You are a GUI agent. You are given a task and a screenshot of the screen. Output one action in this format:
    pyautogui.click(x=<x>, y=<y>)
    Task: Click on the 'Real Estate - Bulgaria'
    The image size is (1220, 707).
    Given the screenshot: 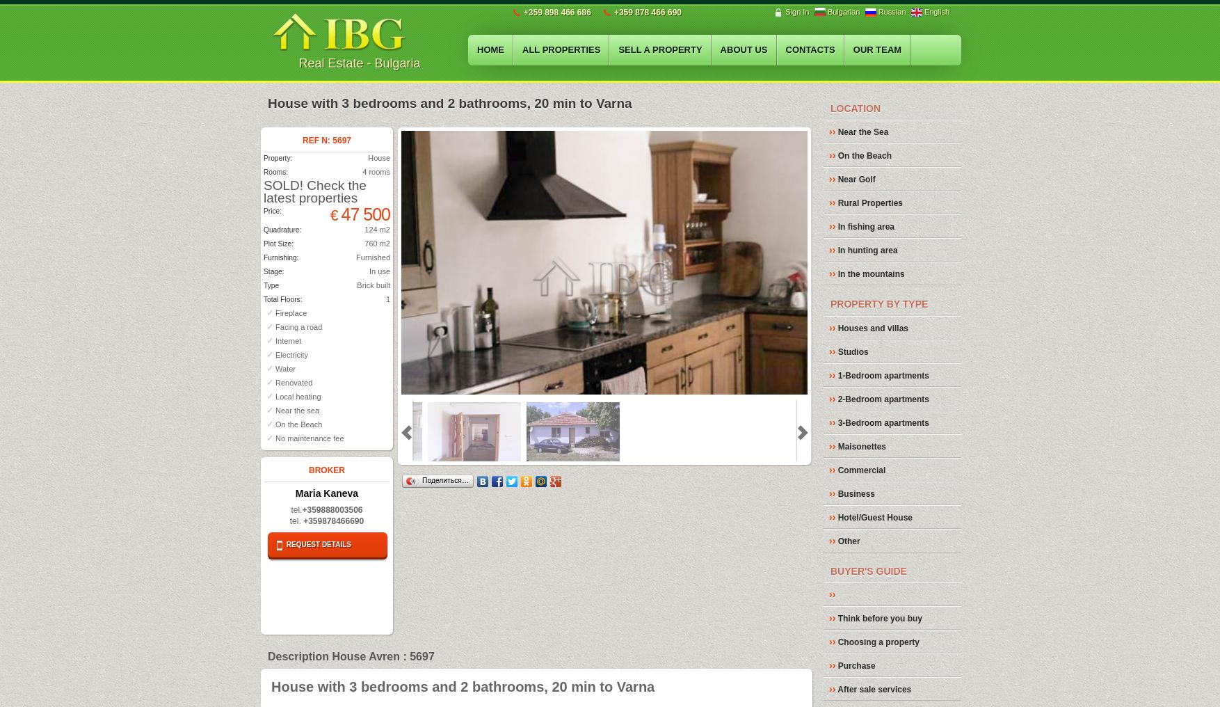 What is the action you would take?
    pyautogui.click(x=358, y=63)
    